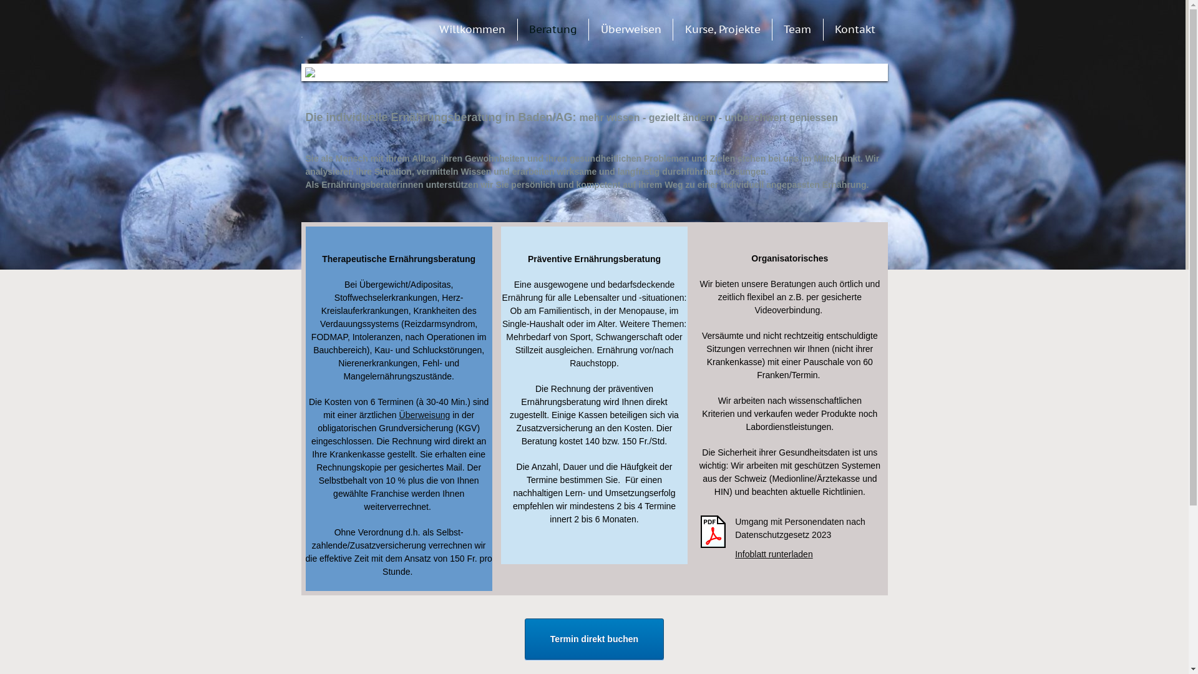  I want to click on 'Kurse, Projekte', so click(723, 28).